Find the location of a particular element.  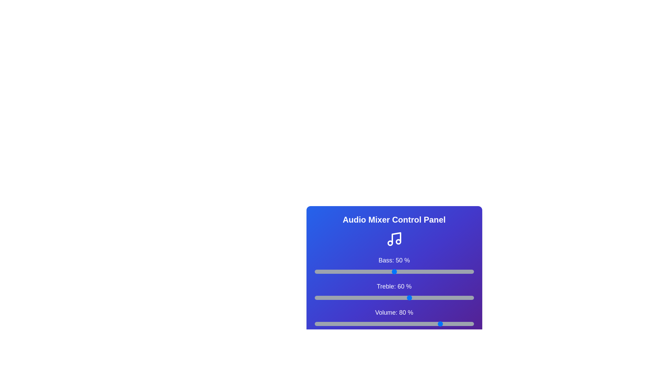

the treble slider to 90% is located at coordinates (458, 297).